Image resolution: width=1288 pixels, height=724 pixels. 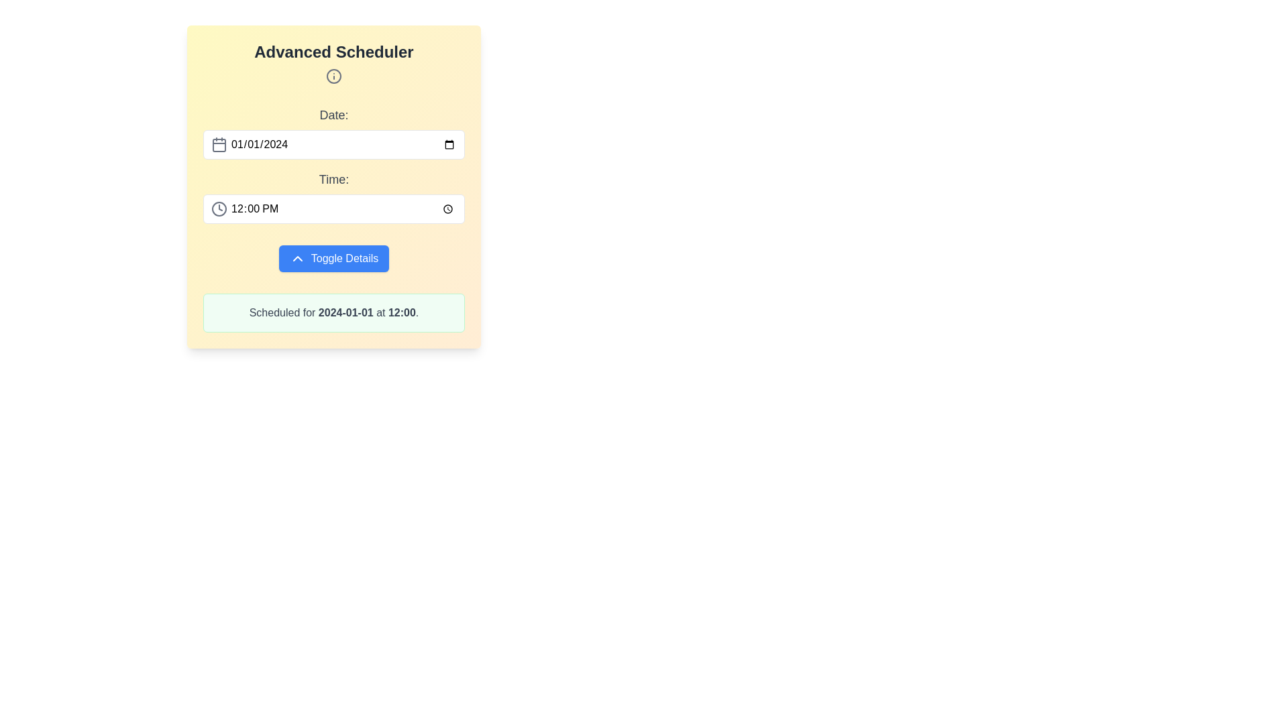 I want to click on informational icon located directly below the 'Advanced Scheduler' label, which provides additional details or guidance related to the module, so click(x=334, y=76).